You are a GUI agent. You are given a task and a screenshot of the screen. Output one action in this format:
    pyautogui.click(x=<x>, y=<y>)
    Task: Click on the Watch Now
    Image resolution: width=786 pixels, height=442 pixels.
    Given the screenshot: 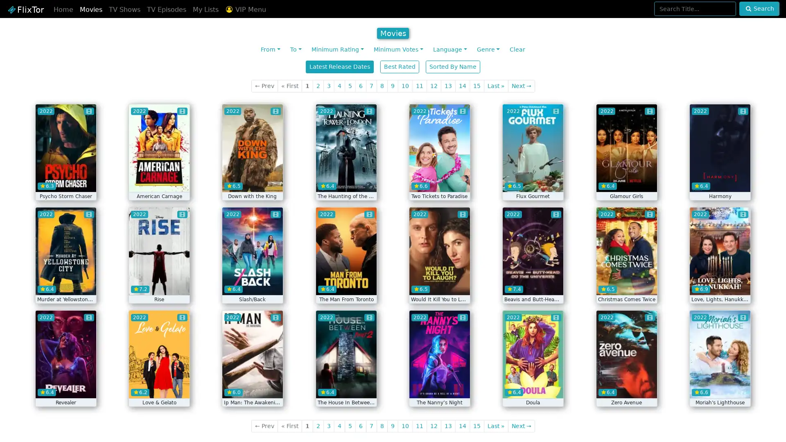 What is the action you would take?
    pyautogui.click(x=719, y=282)
    